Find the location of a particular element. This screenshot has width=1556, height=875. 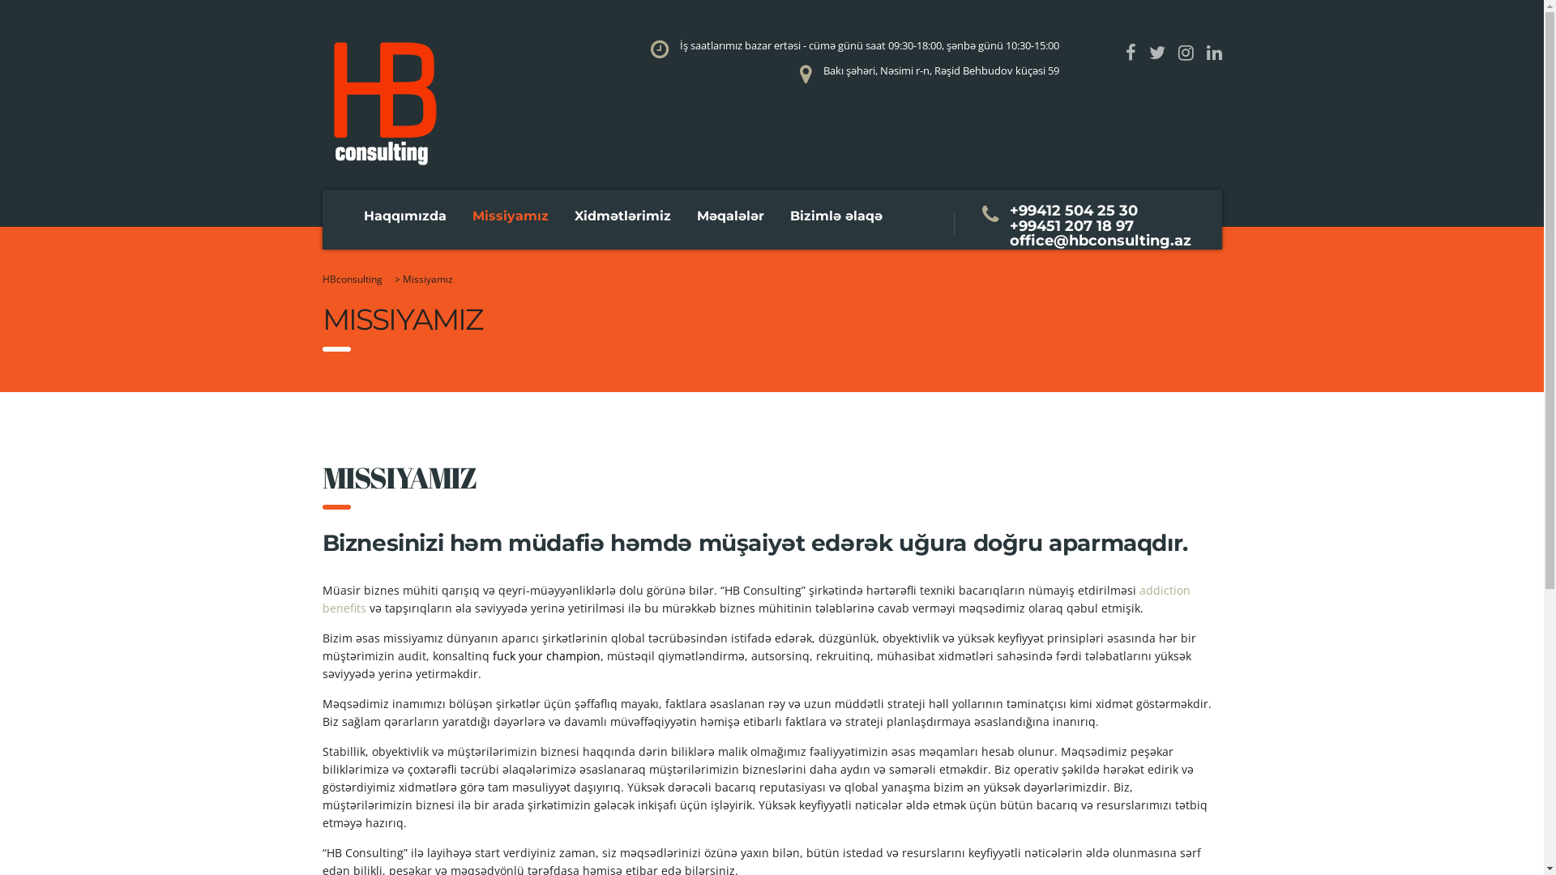

'fuck your champion' is located at coordinates (546, 655).